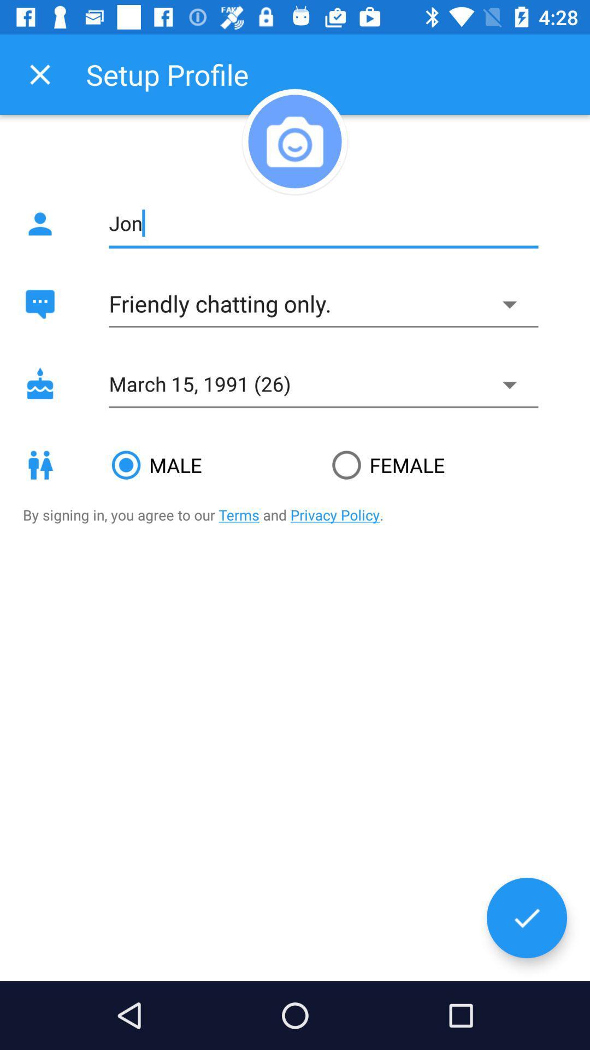 The image size is (590, 1050). What do you see at coordinates (39, 304) in the screenshot?
I see `the message box image option to the left of friendly chatting only text` at bounding box center [39, 304].